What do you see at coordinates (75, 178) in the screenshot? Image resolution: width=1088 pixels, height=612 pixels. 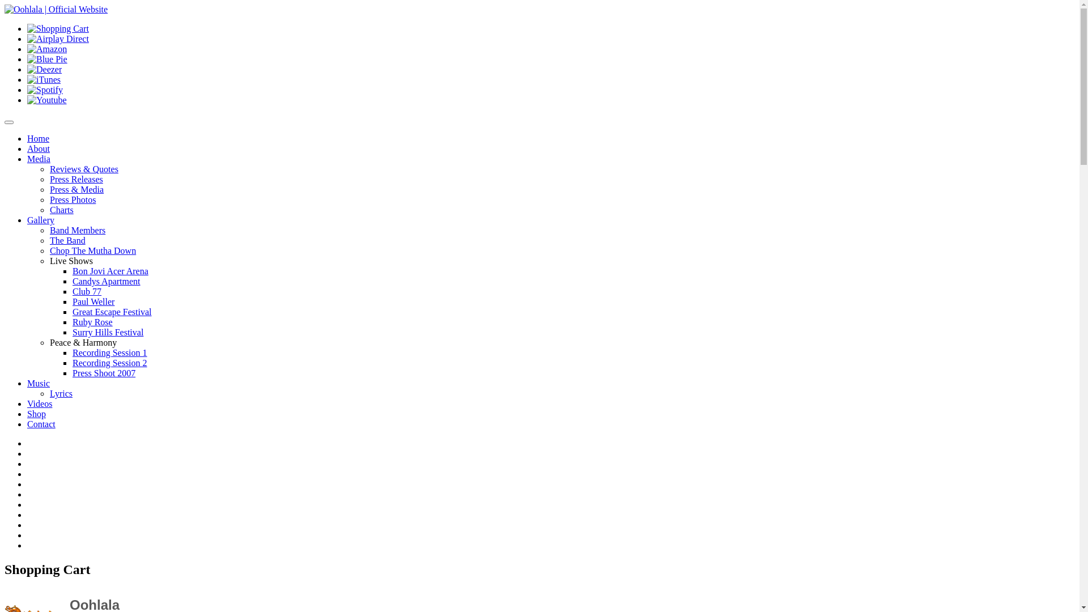 I see `'Press Releases'` at bounding box center [75, 178].